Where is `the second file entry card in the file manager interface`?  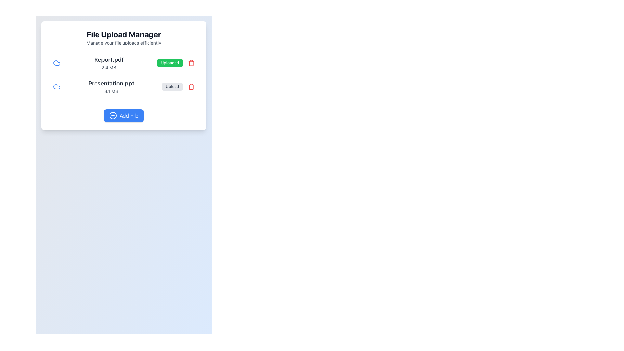
the second file entry card in the file manager interface is located at coordinates (123, 86).